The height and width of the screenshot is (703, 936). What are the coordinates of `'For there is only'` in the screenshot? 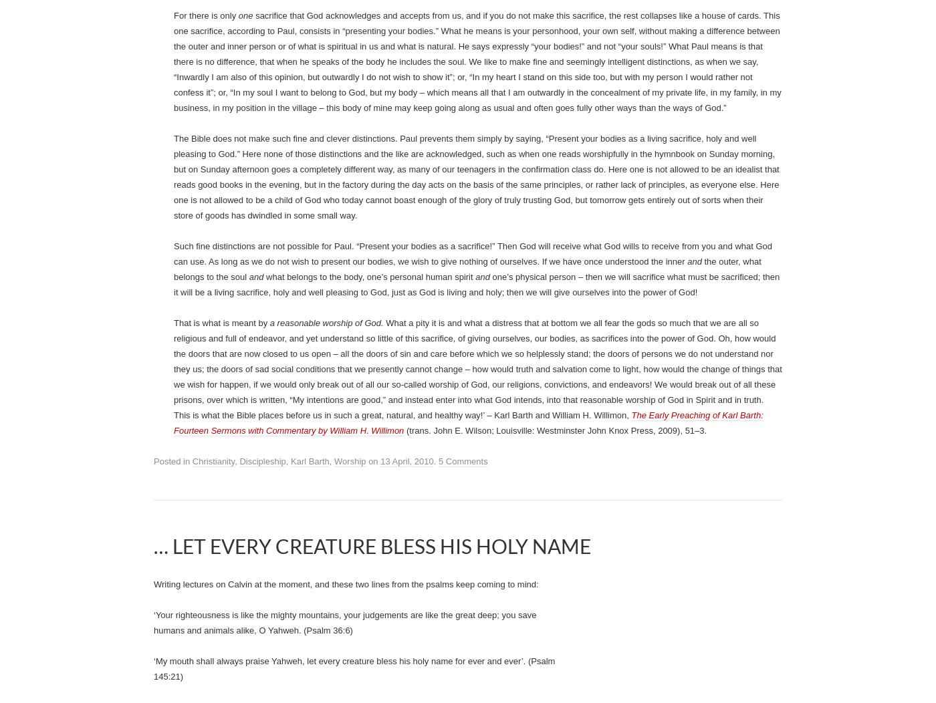 It's located at (206, 528).